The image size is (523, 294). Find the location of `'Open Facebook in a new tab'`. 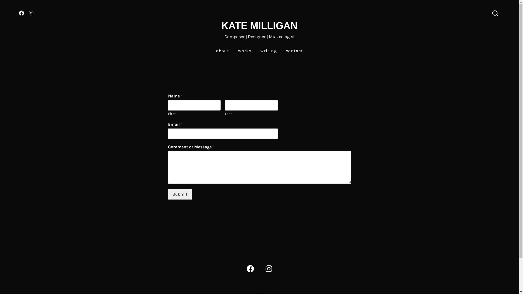

'Open Facebook in a new tab' is located at coordinates (250, 268).